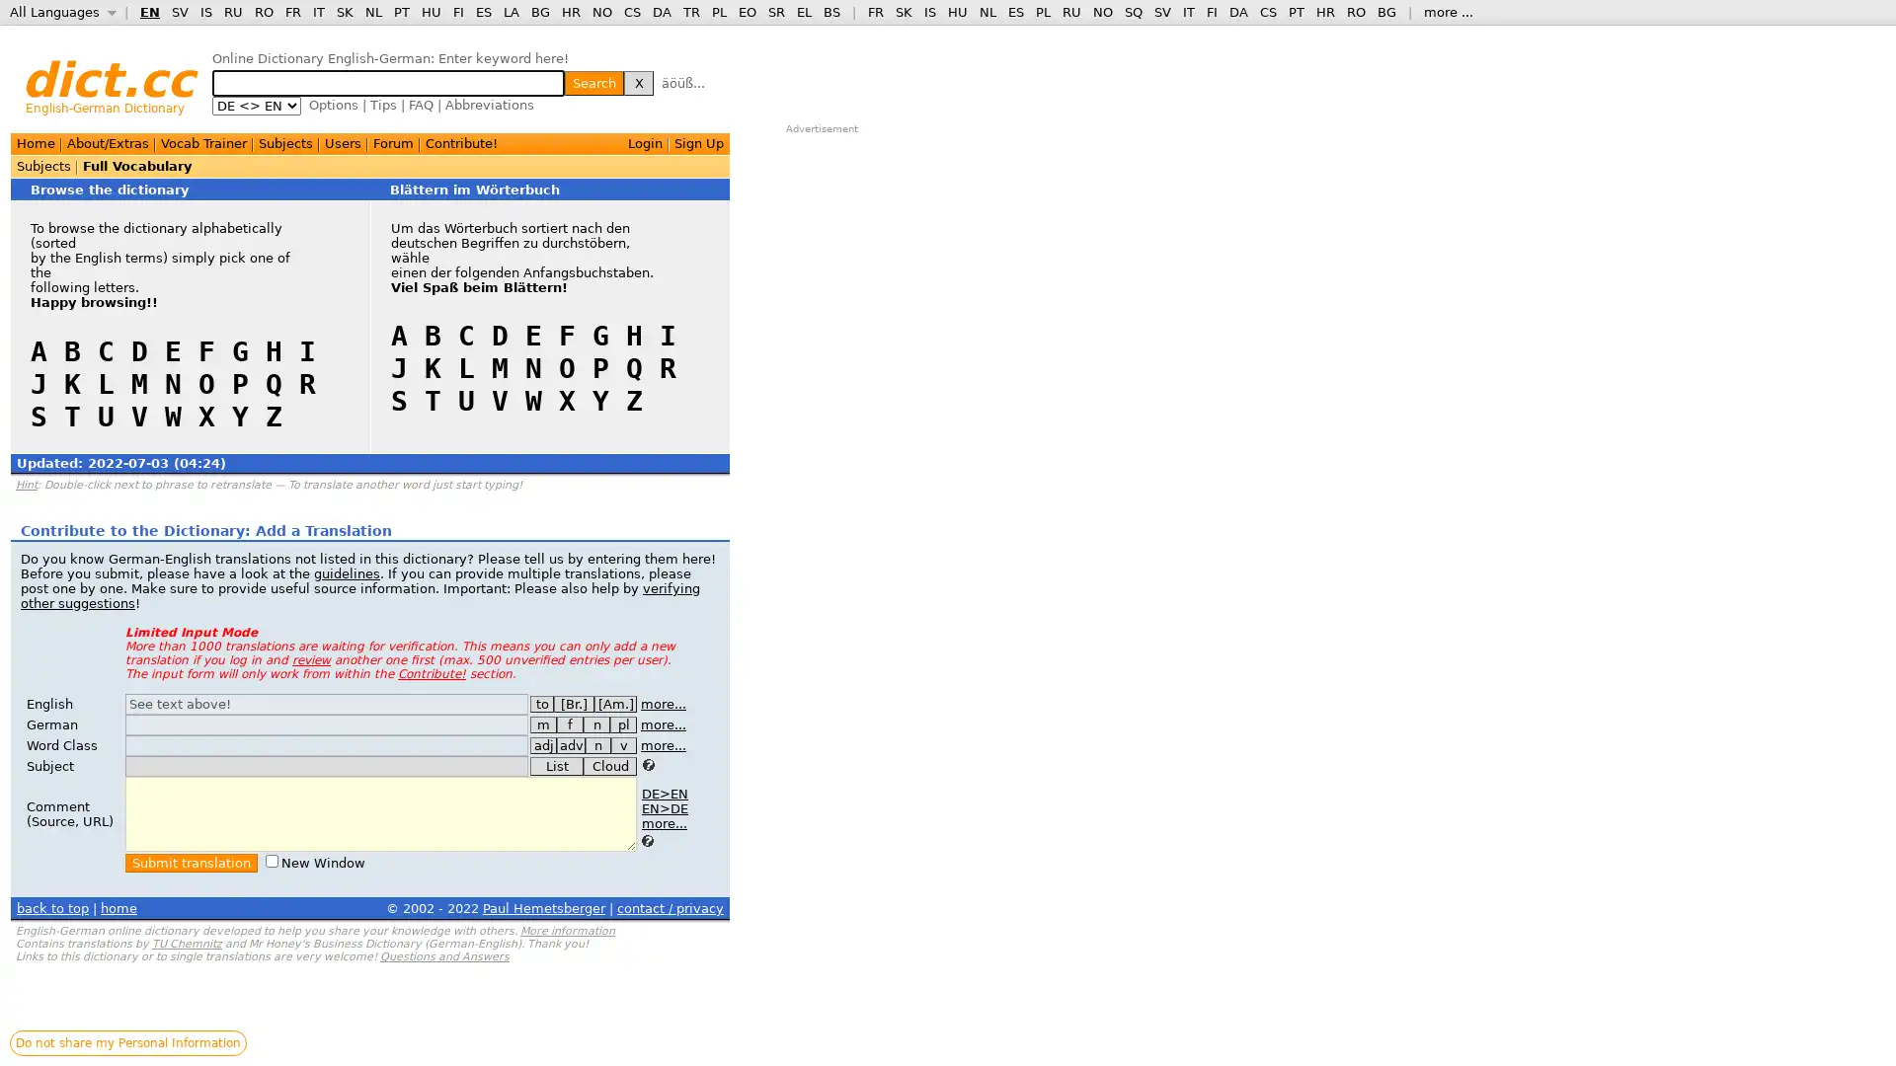 The height and width of the screenshot is (1066, 1896). I want to click on f, so click(569, 724).